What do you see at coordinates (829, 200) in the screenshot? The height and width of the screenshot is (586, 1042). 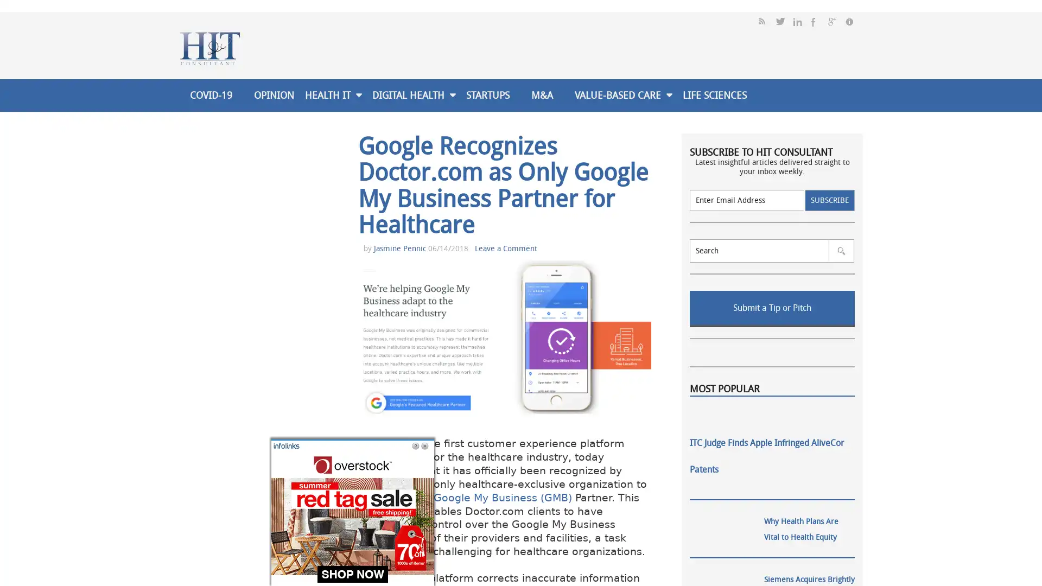 I see `Subscribe` at bounding box center [829, 200].